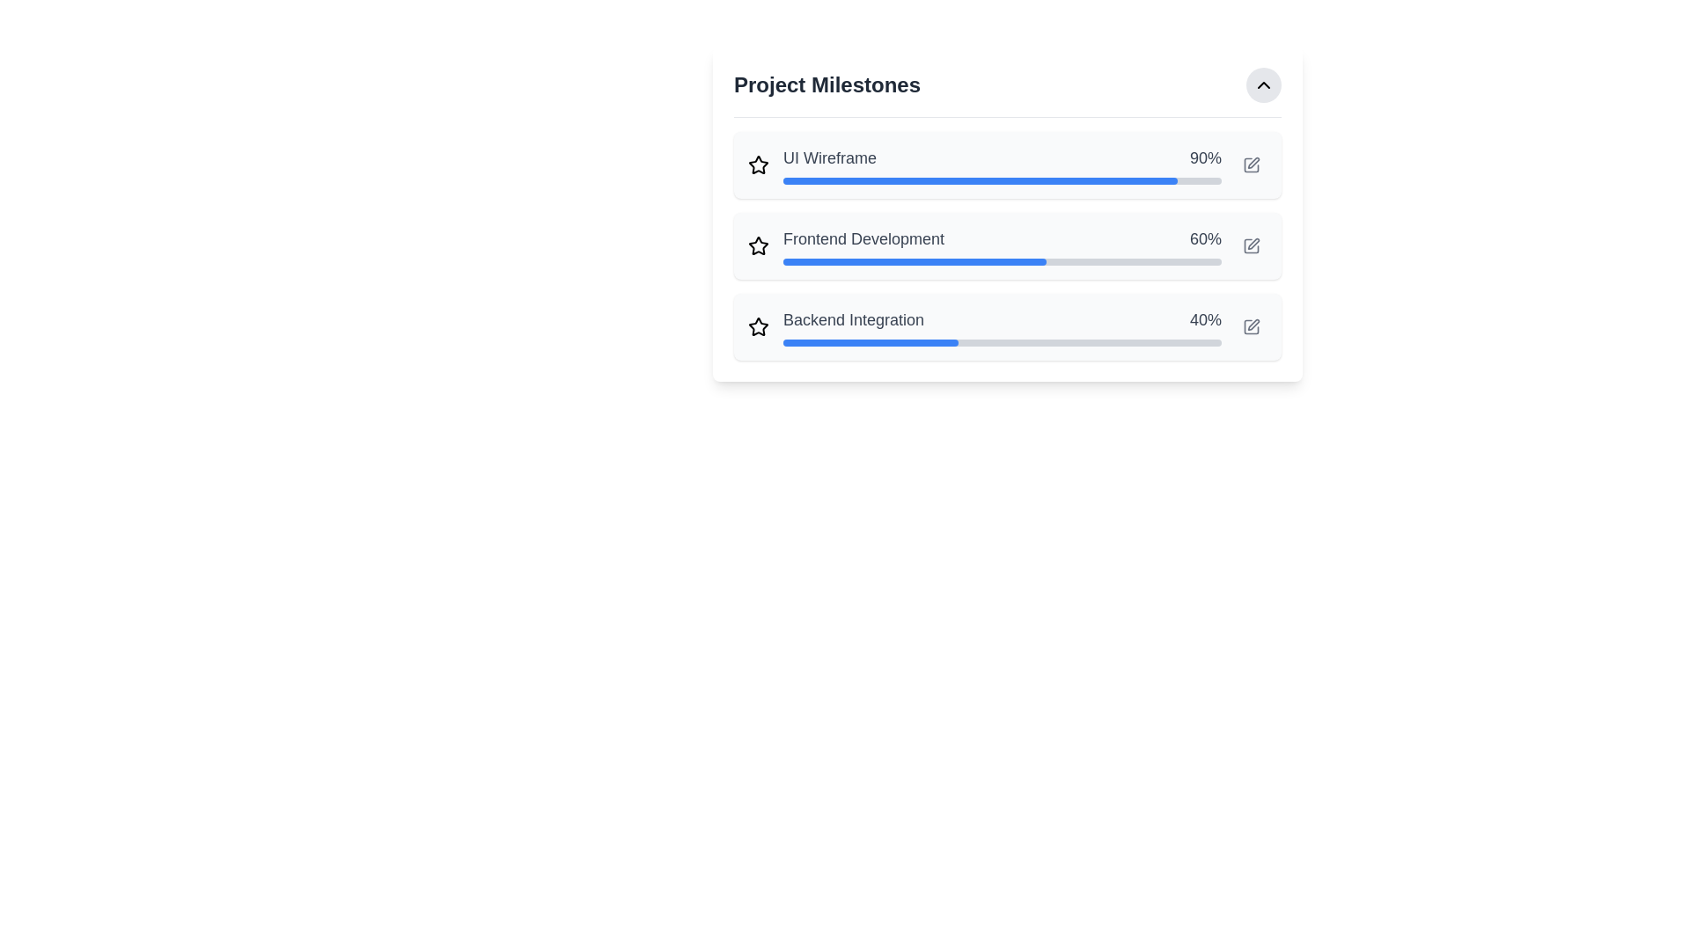  What do you see at coordinates (853, 319) in the screenshot?
I see `the text label that describes the project milestone 'Backend Integration', which is located to the left of the percentage completion text '40%' in the third milestone row` at bounding box center [853, 319].